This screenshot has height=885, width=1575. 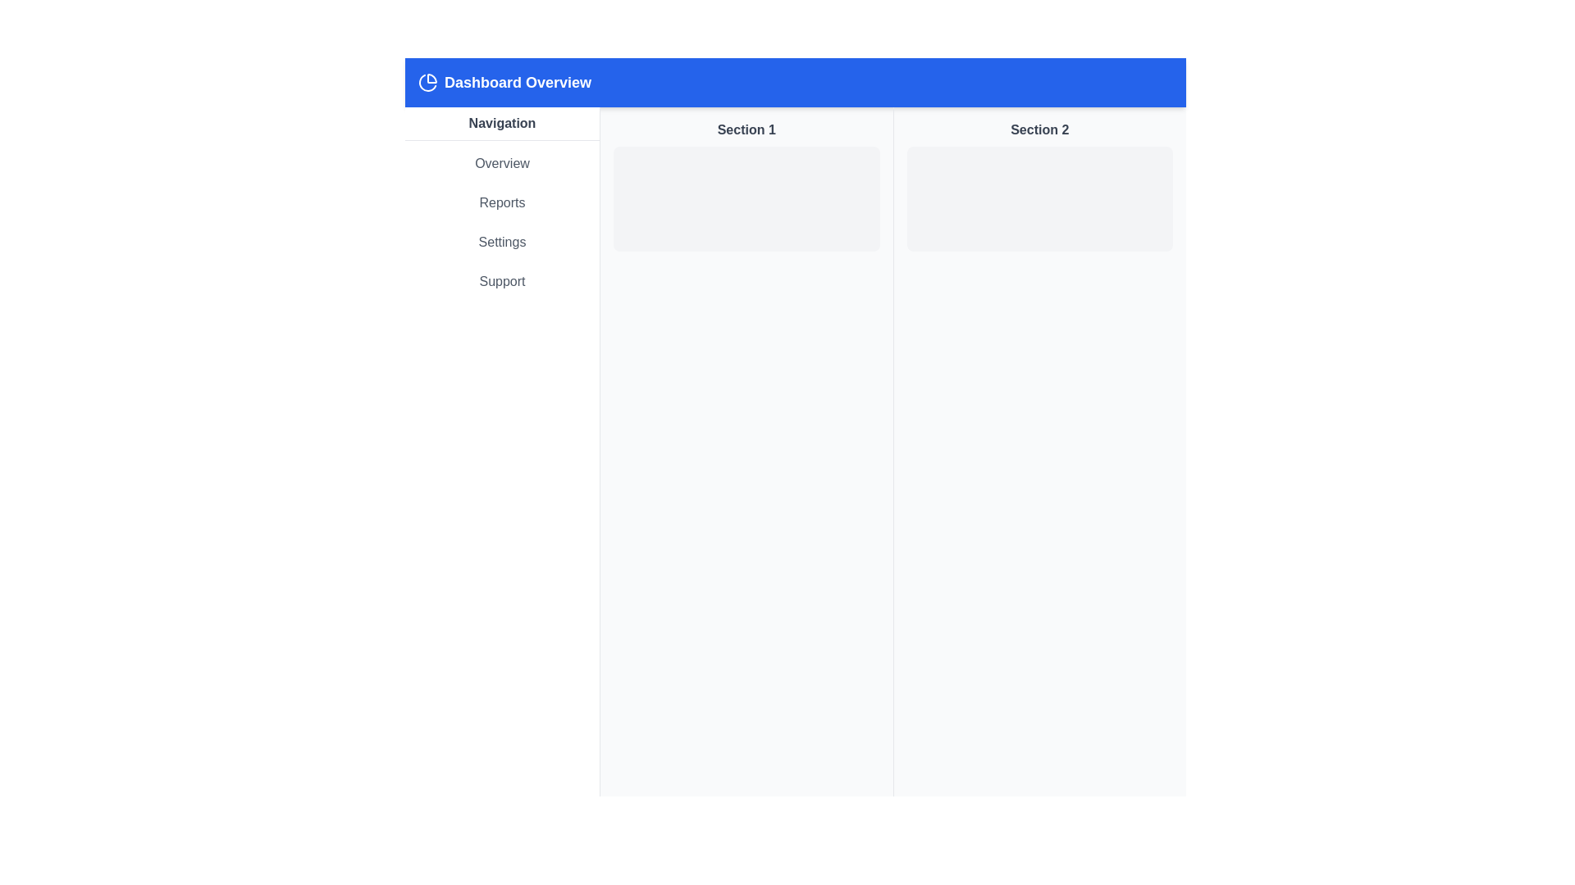 What do you see at coordinates (427, 83) in the screenshot?
I see `the second segment of the pie chart icon located in the top-left corner of the header section` at bounding box center [427, 83].